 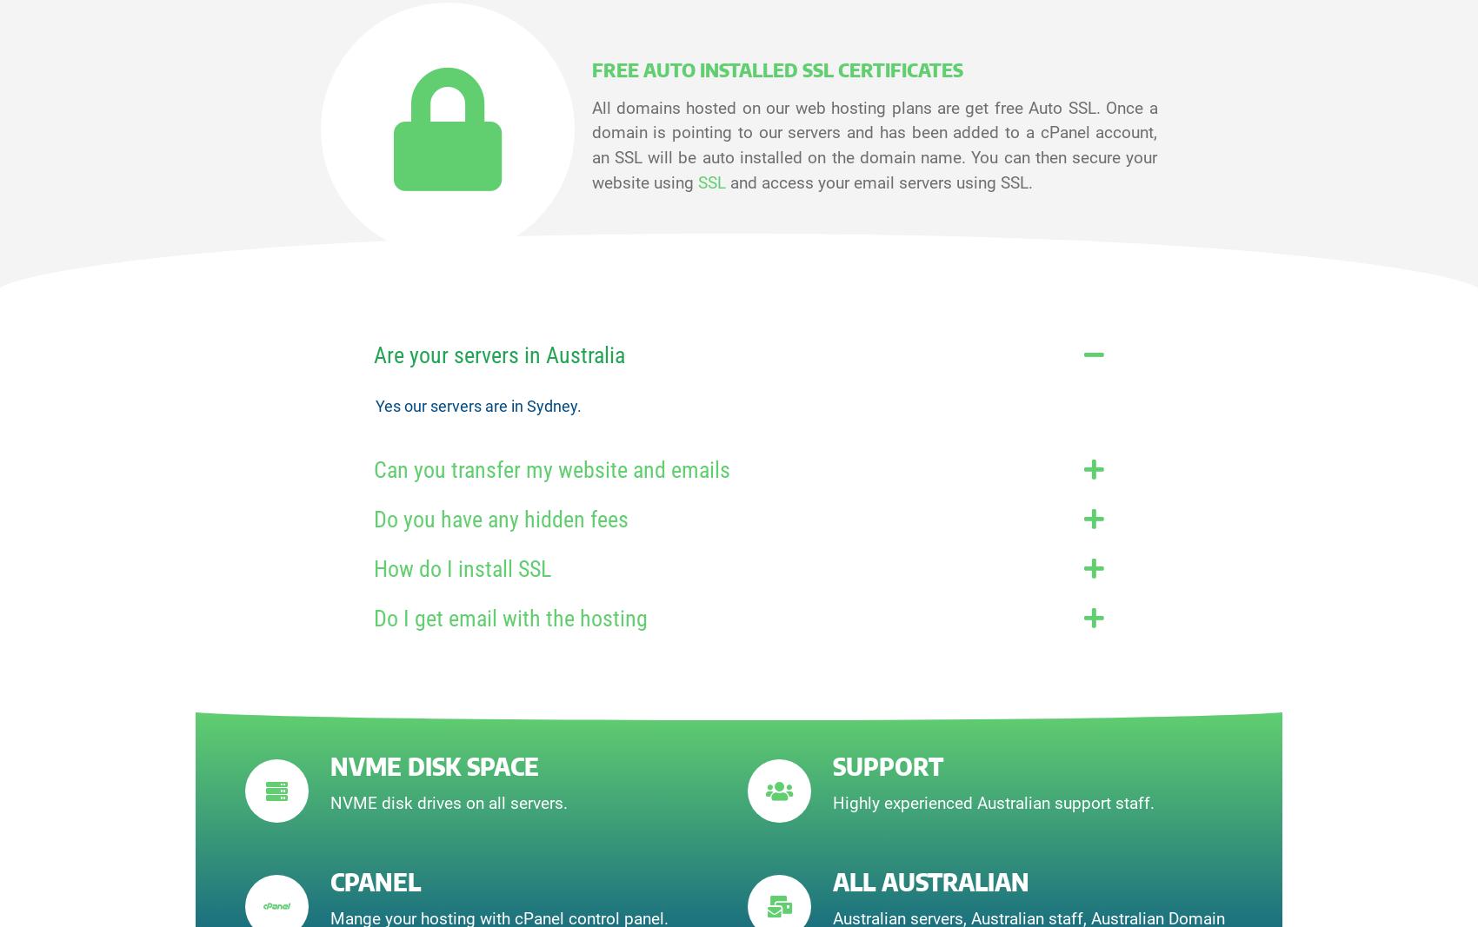 I want to click on 'SSL', so click(x=696, y=182).